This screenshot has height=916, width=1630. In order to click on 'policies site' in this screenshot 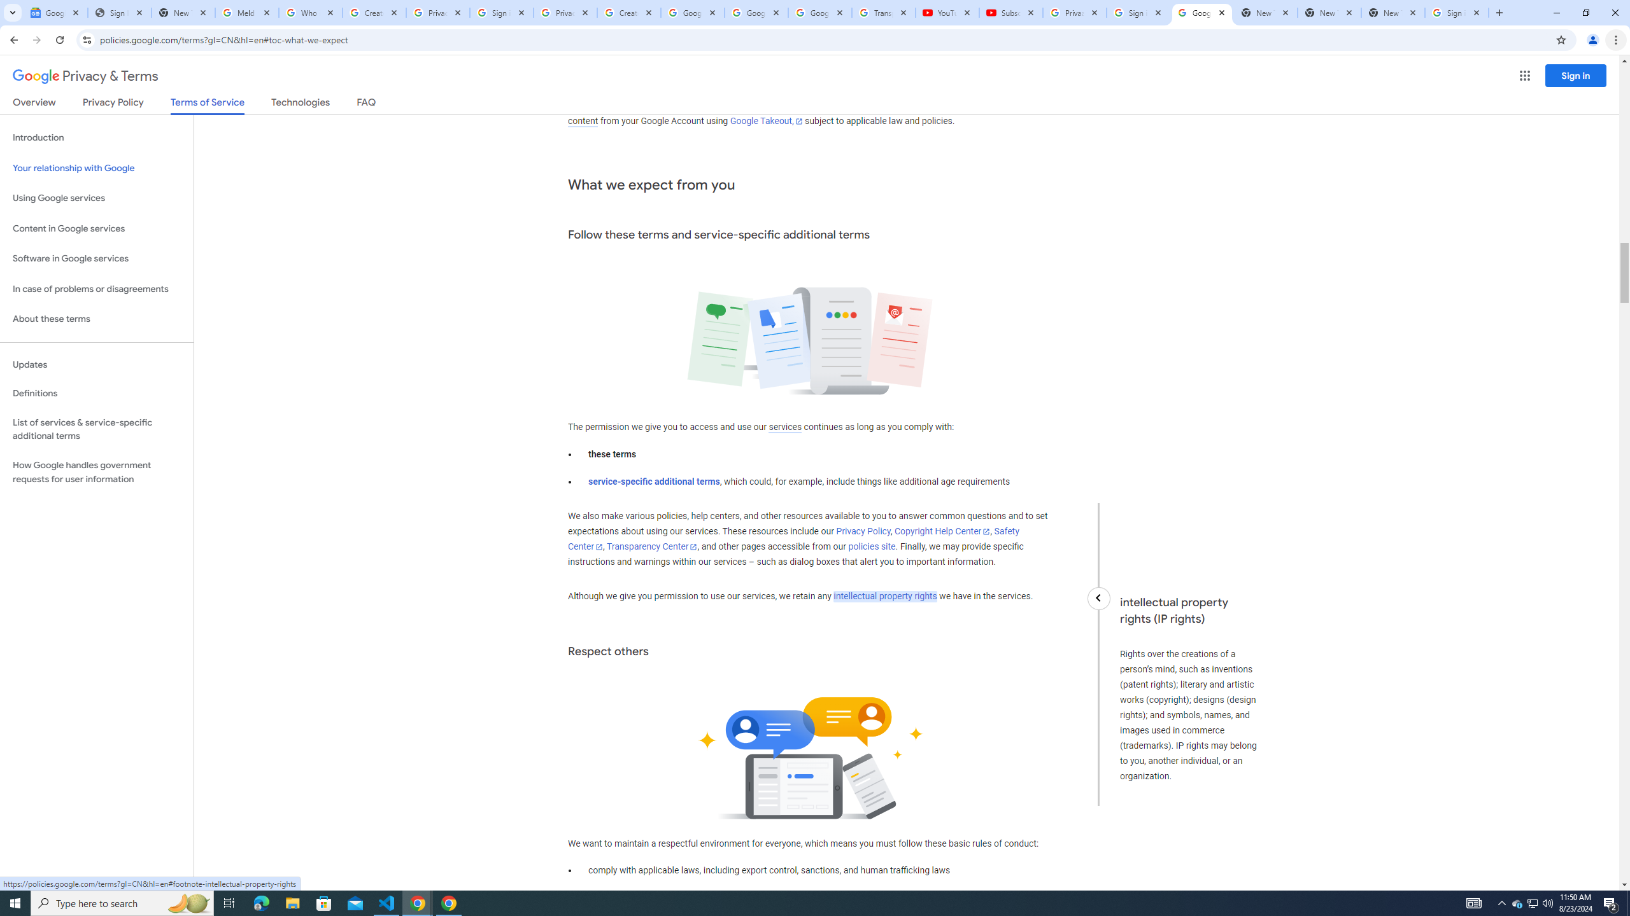, I will do `click(872, 546)`.